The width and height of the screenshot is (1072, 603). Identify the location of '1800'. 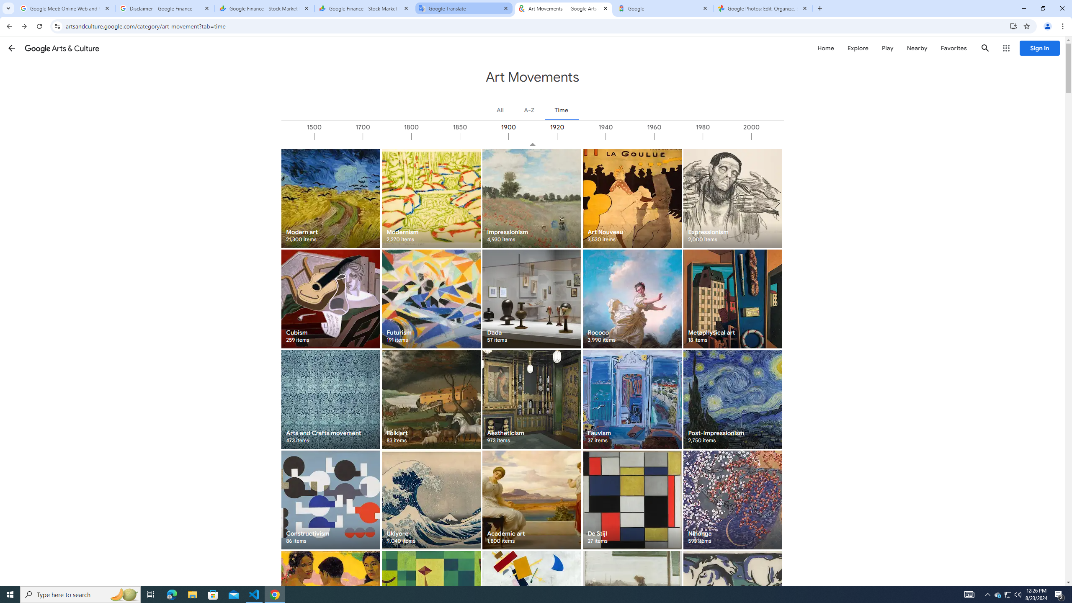
(435, 136).